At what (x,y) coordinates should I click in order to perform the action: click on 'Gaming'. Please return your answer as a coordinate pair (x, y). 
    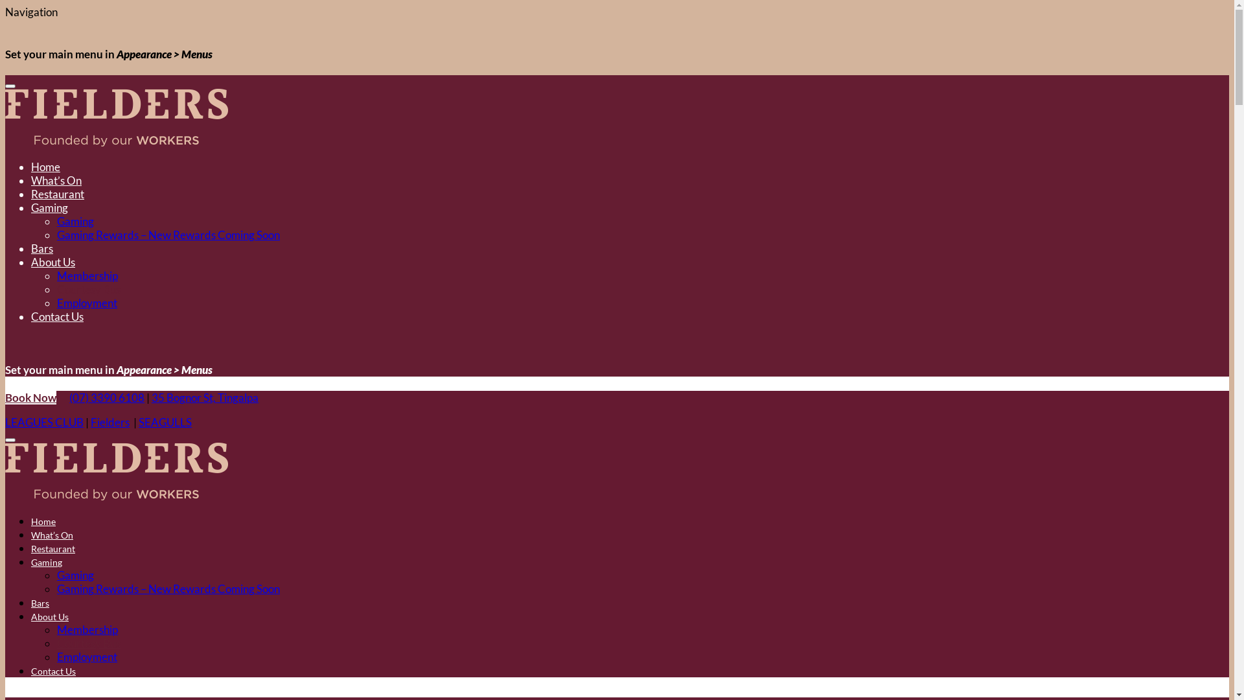
    Looking at the image, I should click on (47, 561).